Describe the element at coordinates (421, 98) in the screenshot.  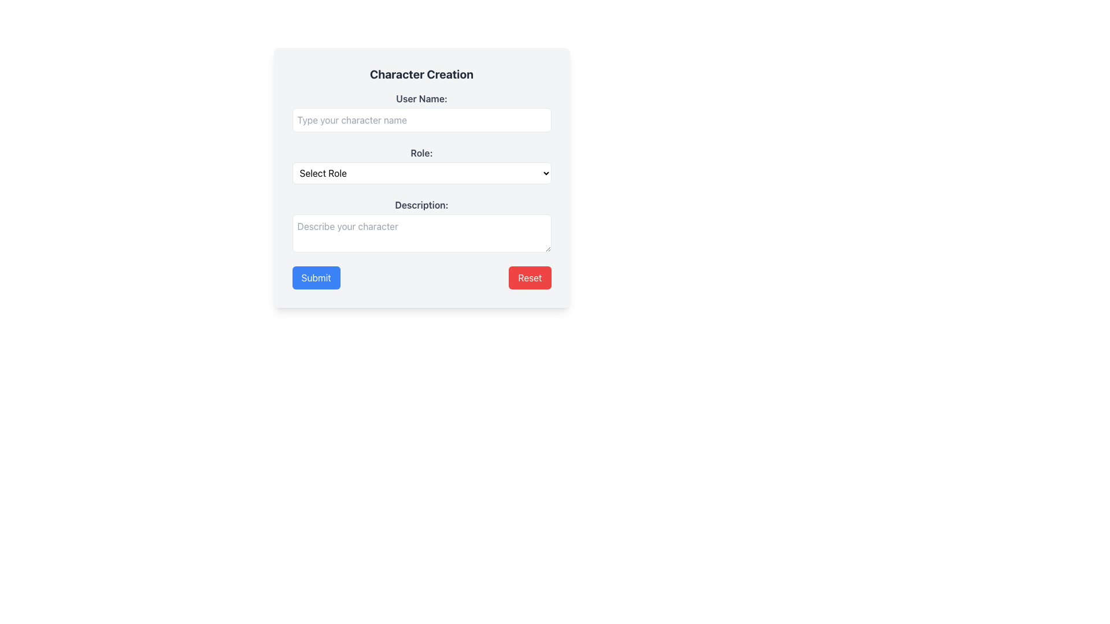
I see `the text label that says 'User Name:' styled in gray bold font, positioned at the top of the form above the input field` at that location.